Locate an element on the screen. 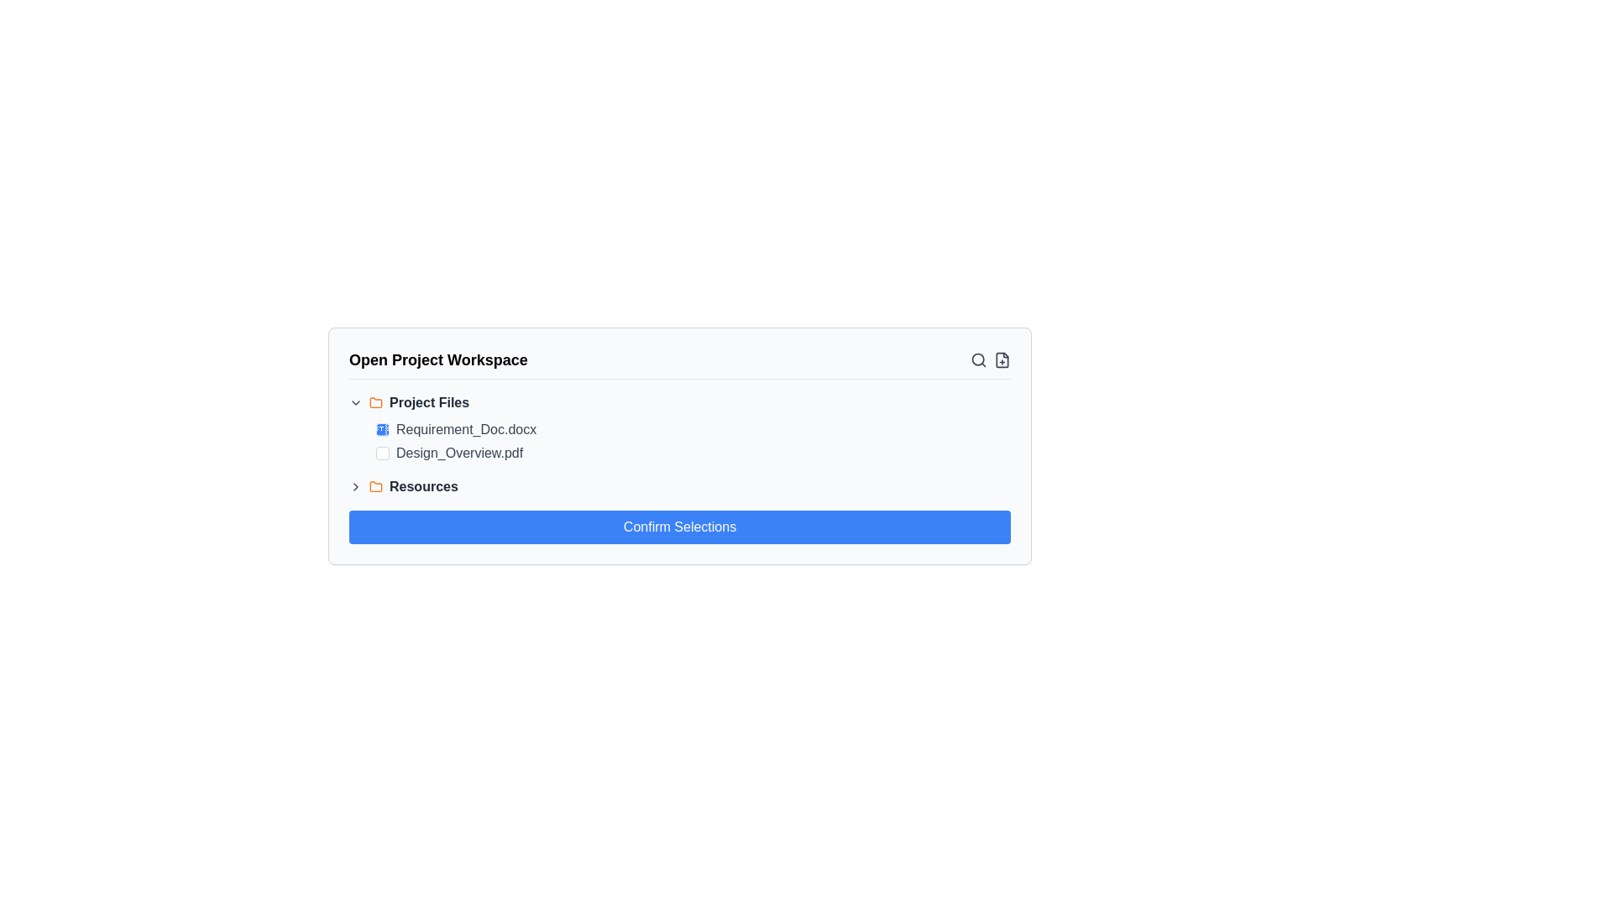  the interactive folder icon located at the bottom right part of the interface under the 'Resources' label is located at coordinates (374, 401).